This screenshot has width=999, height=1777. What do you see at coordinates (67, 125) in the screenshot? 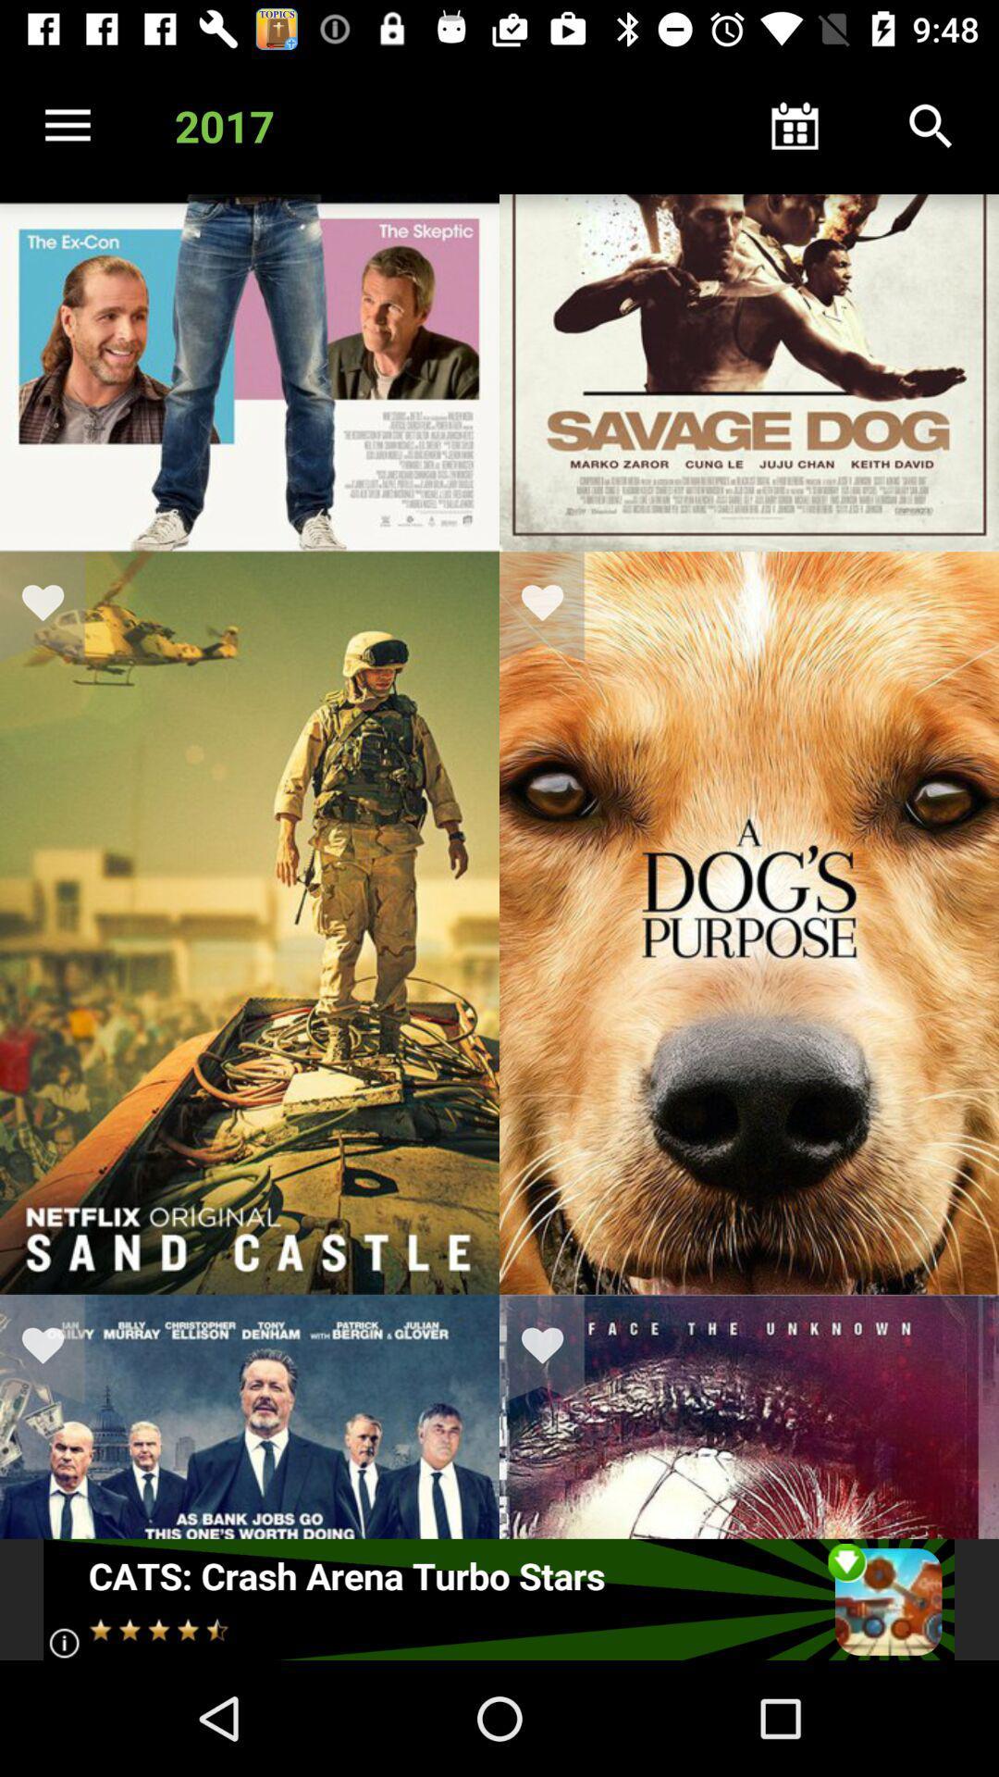
I see `the item to the left of 2017` at bounding box center [67, 125].